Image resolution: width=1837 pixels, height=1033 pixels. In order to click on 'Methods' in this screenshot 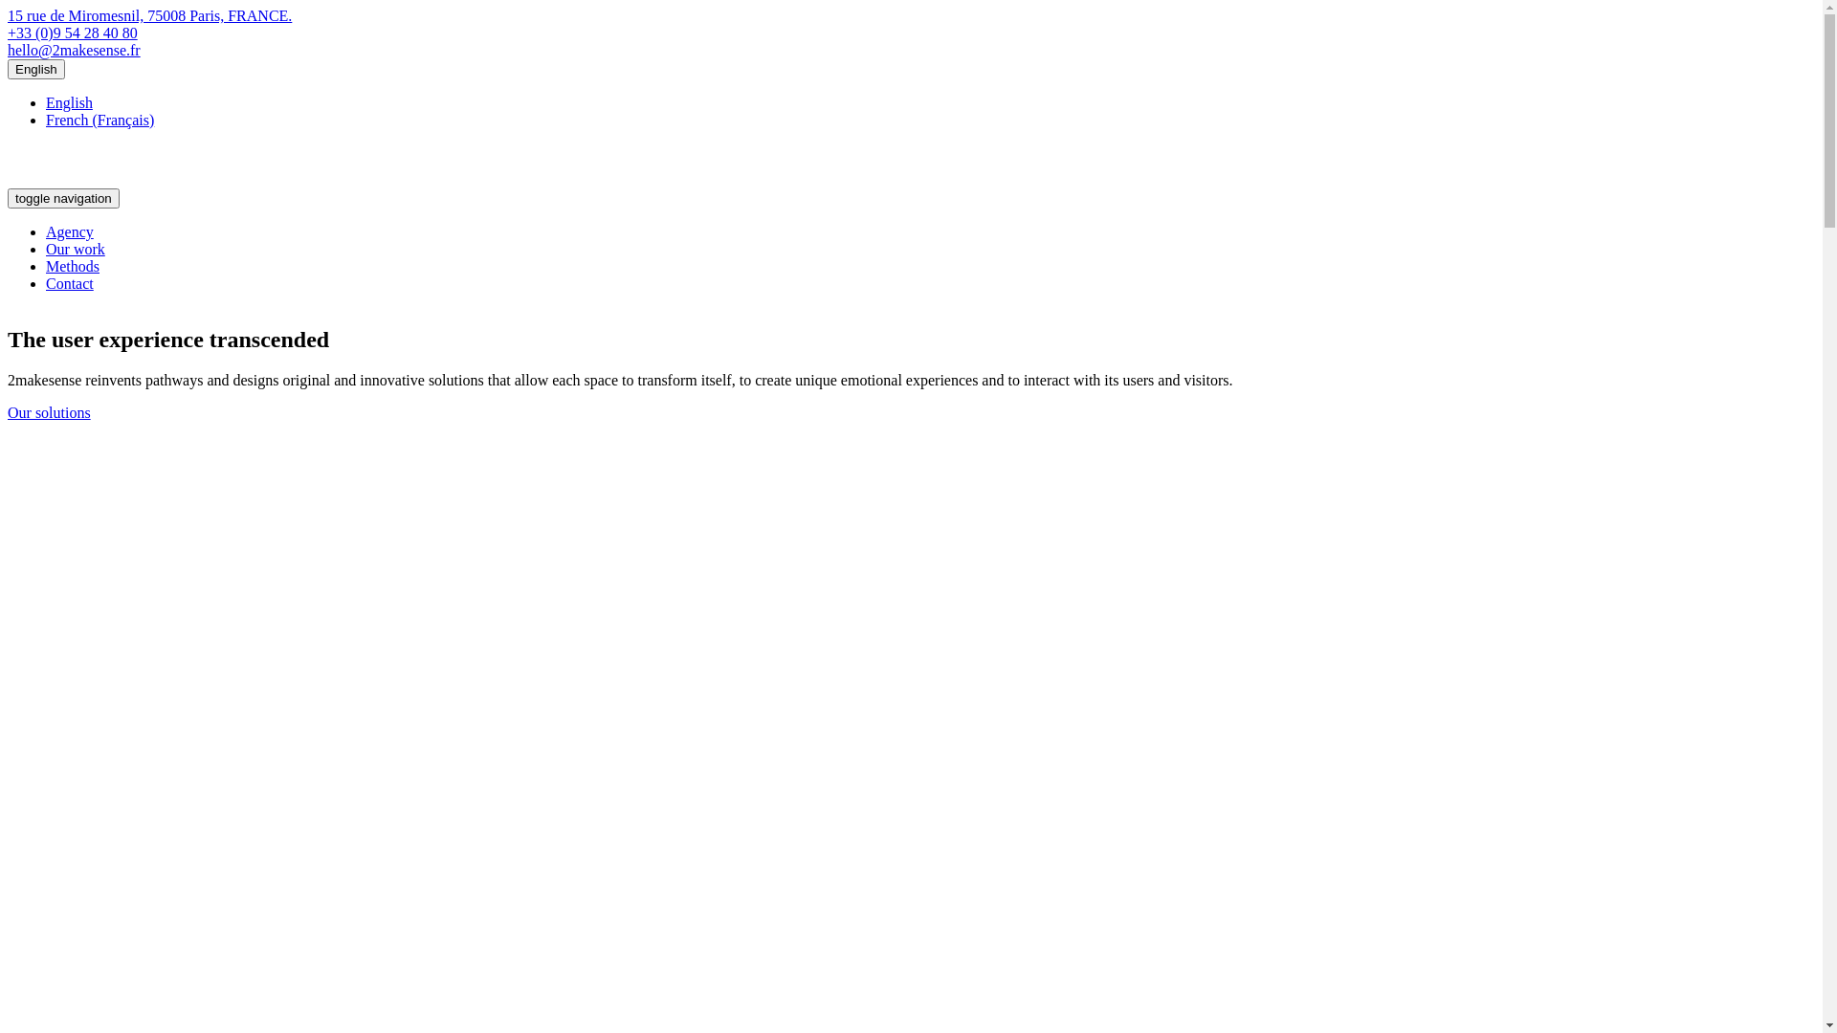, I will do `click(73, 266)`.